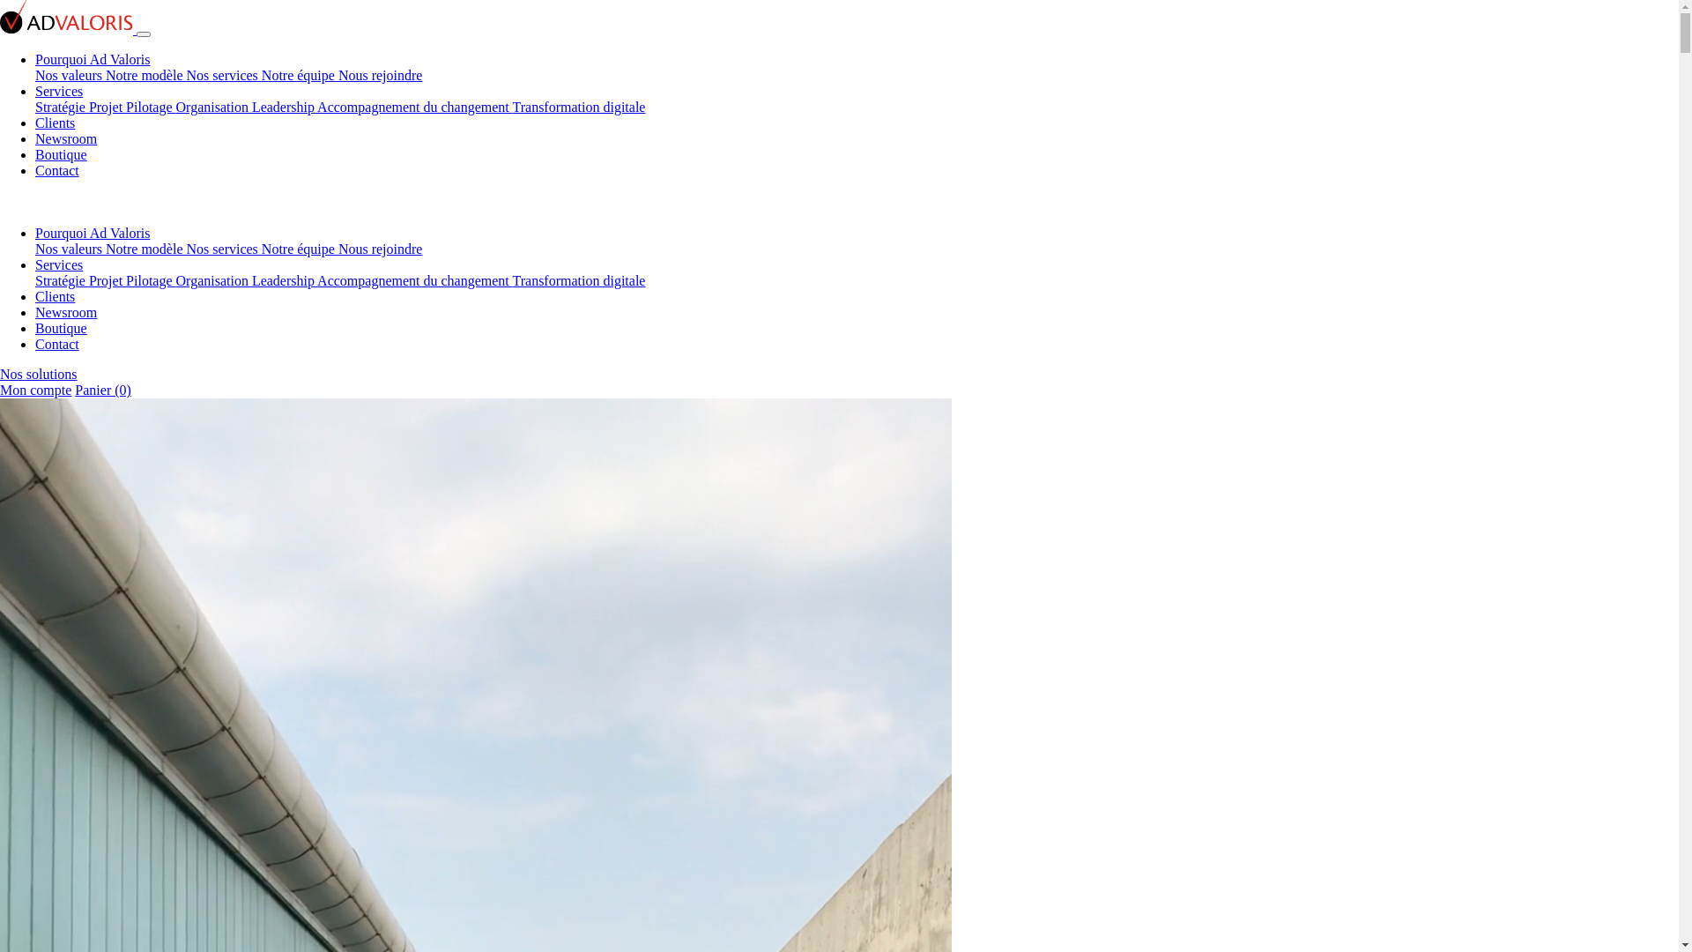  What do you see at coordinates (34, 344) in the screenshot?
I see `'Contact'` at bounding box center [34, 344].